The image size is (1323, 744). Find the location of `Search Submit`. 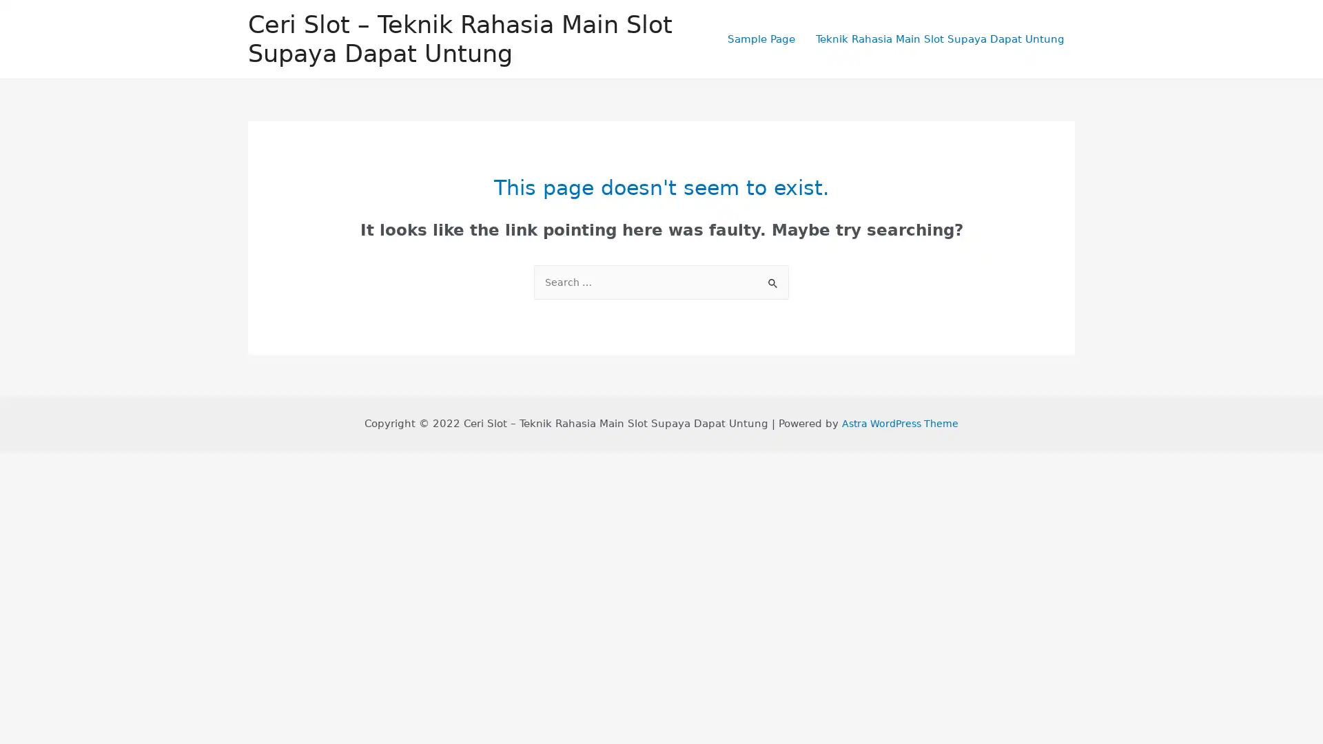

Search Submit is located at coordinates (773, 283).